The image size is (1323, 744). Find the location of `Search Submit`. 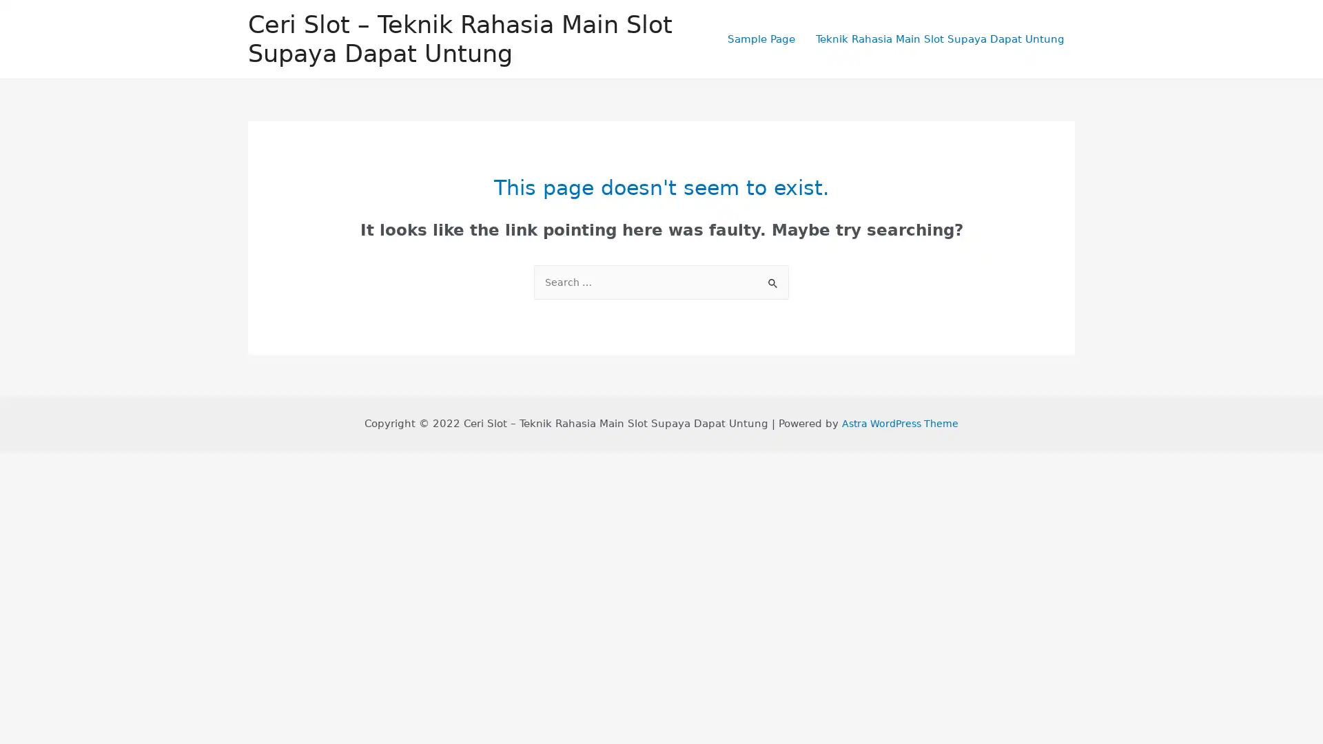

Search Submit is located at coordinates (773, 283).